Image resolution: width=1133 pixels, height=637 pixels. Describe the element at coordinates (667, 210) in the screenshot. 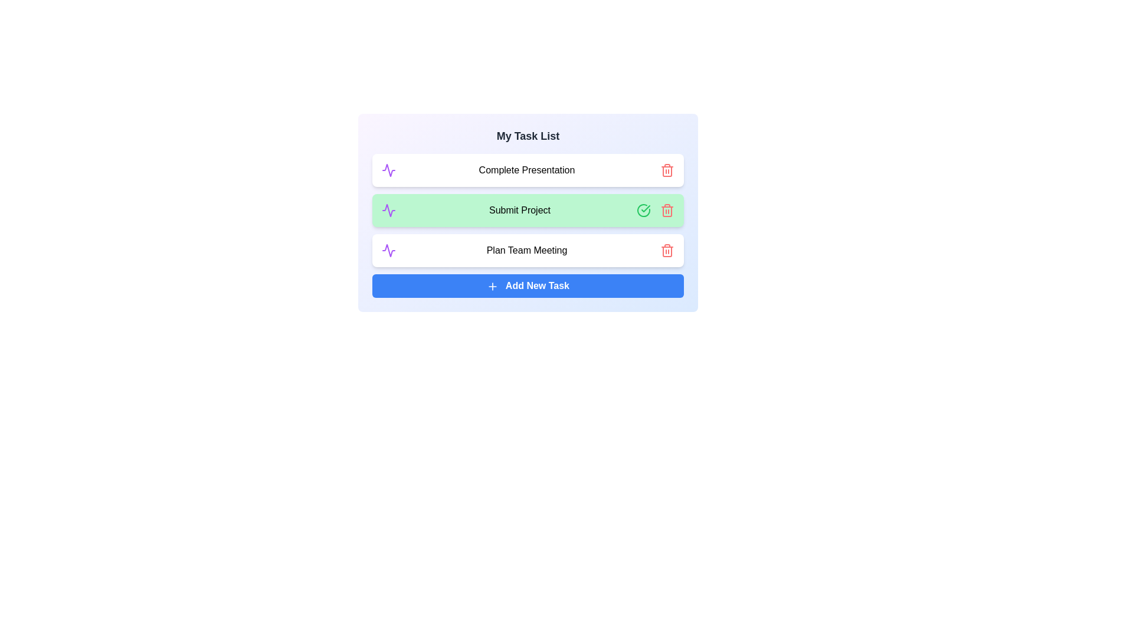

I see `the trash icon next to the task named Submit Project to delete it` at that location.